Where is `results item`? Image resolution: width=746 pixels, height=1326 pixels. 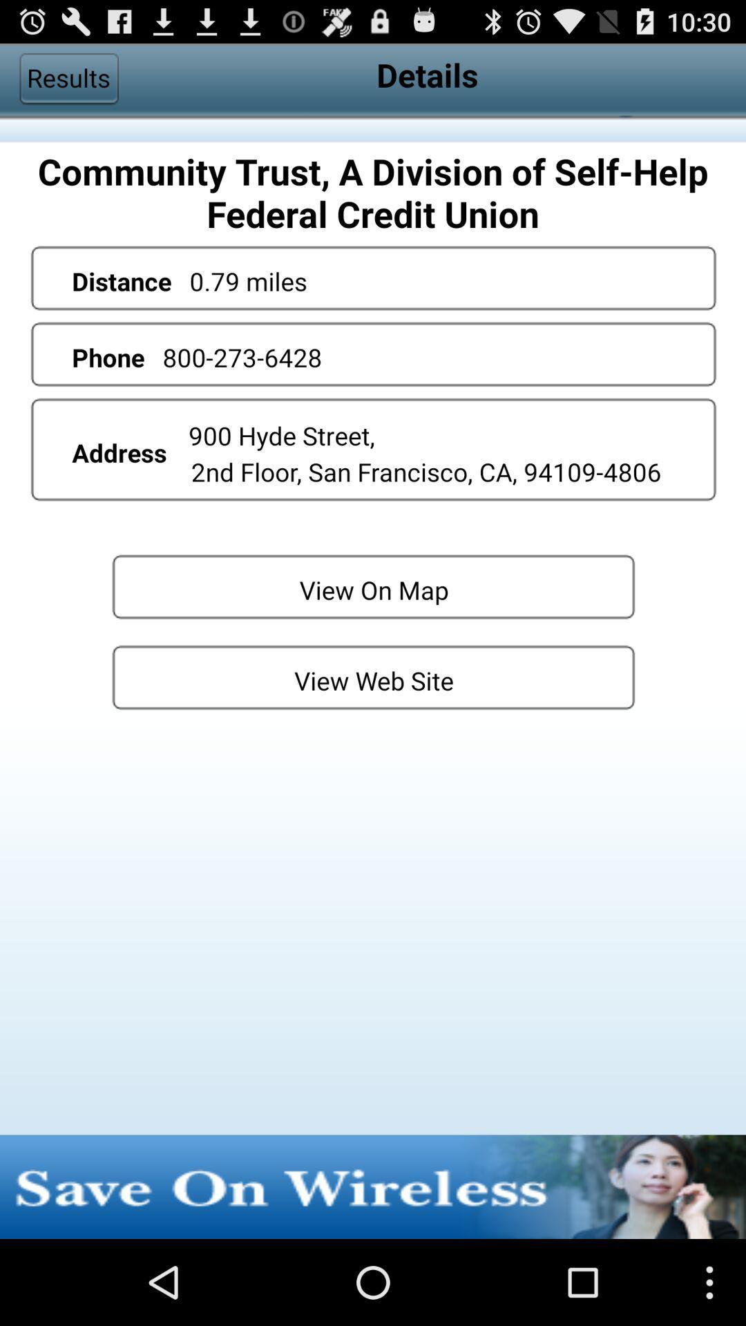
results item is located at coordinates (68, 78).